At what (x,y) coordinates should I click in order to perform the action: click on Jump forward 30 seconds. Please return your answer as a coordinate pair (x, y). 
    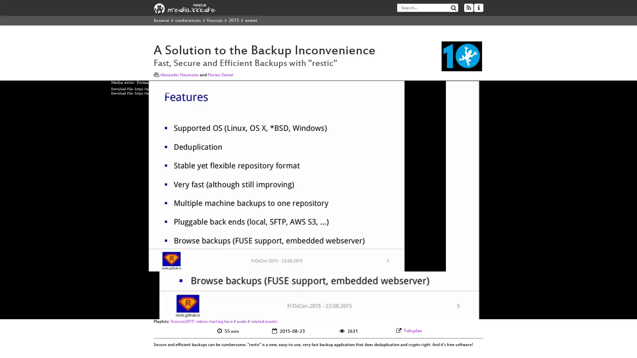
    Looking at the image, I should click on (135, 312).